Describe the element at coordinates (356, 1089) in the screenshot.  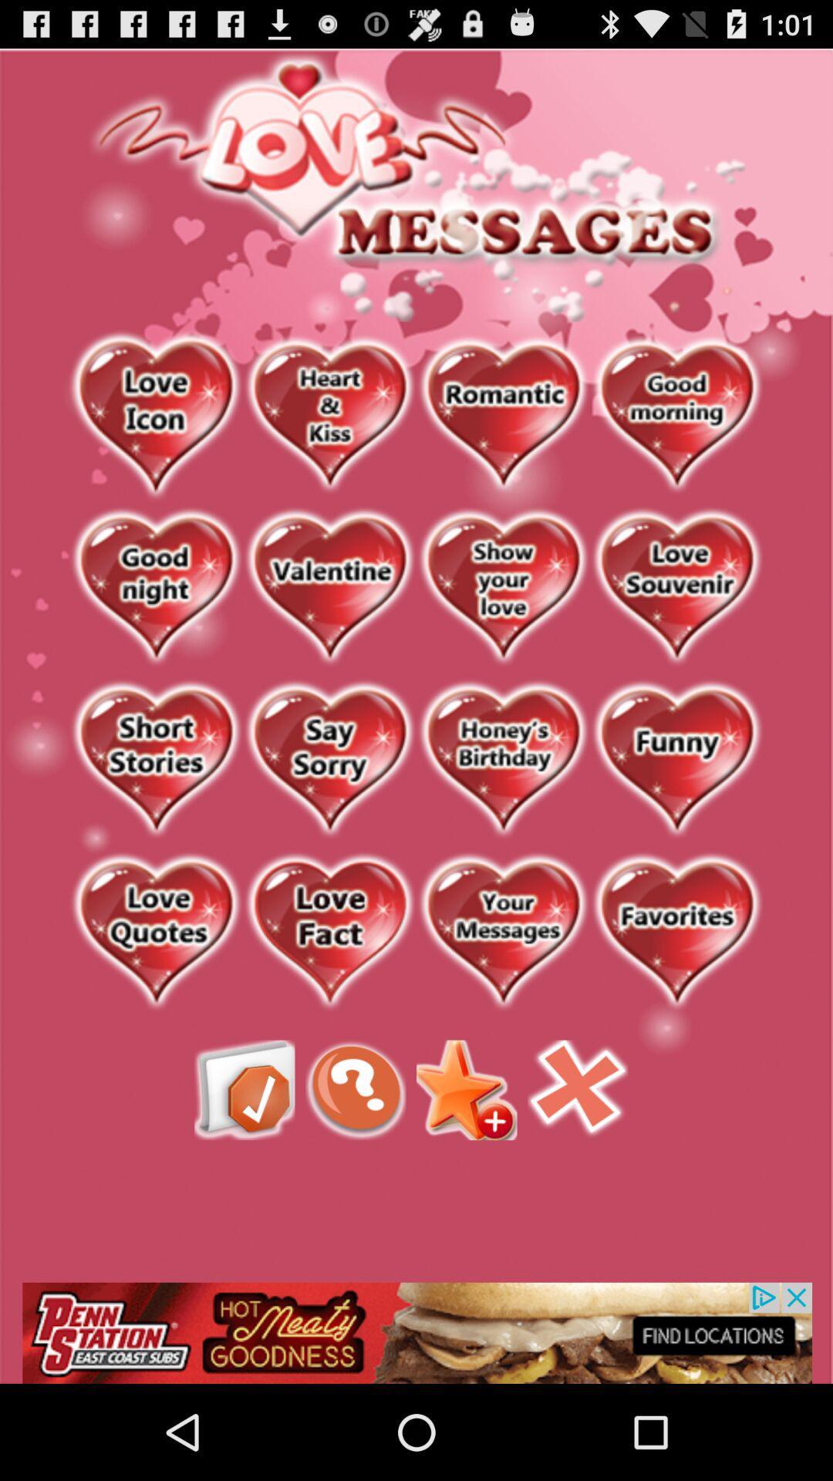
I see `help option` at that location.